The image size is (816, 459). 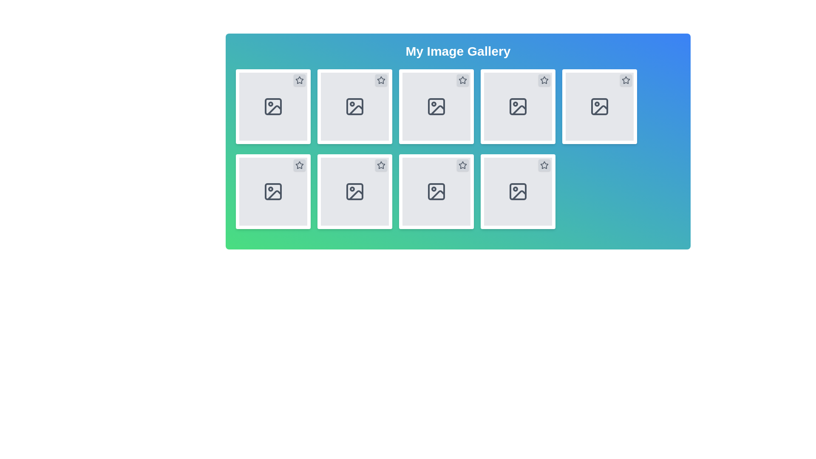 I want to click on the toggle button located at the top-right corner of the second image tile in the first row, so click(x=381, y=80).